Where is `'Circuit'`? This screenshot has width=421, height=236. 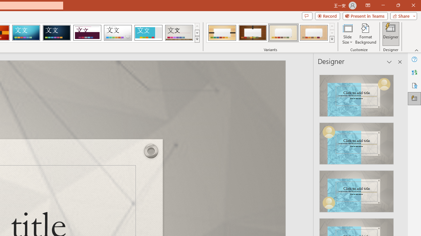
'Circuit' is located at coordinates (26, 33).